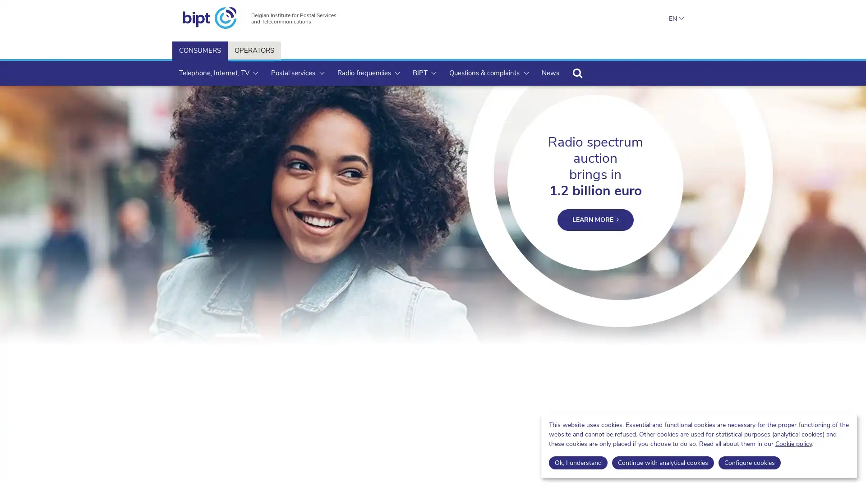  What do you see at coordinates (424, 73) in the screenshot?
I see `BIPT` at bounding box center [424, 73].